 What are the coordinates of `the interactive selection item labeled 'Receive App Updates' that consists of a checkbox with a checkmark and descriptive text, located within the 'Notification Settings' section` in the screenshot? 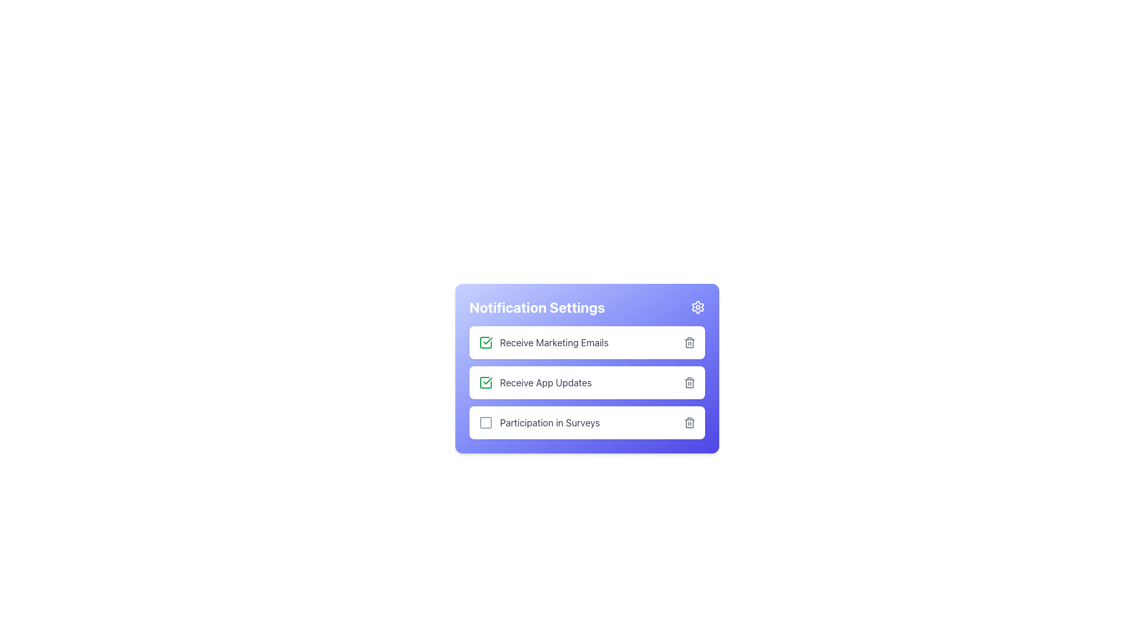 It's located at (534, 383).